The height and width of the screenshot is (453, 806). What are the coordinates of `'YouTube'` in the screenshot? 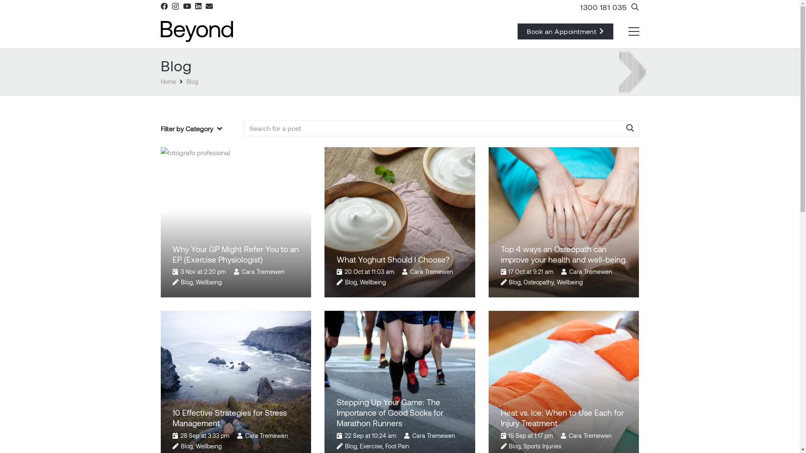 It's located at (183, 6).